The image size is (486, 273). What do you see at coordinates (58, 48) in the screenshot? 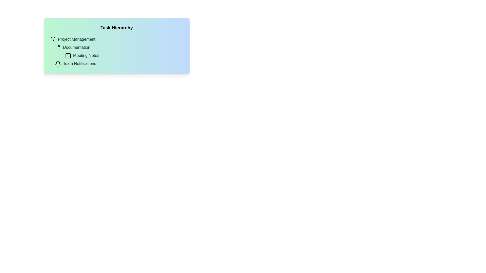
I see `the black document icon located to the left of the 'Documentation' text label in the 'Task Hierarchy' section to interact with its associated functionality` at bounding box center [58, 48].